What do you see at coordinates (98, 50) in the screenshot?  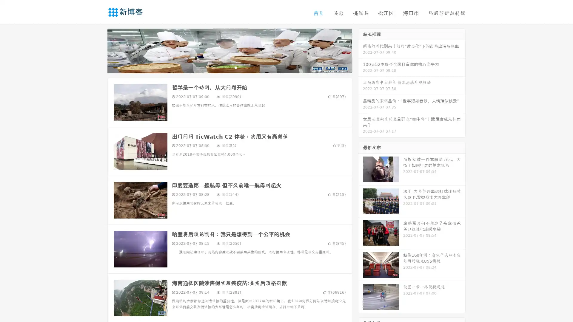 I see `Previous slide` at bounding box center [98, 50].